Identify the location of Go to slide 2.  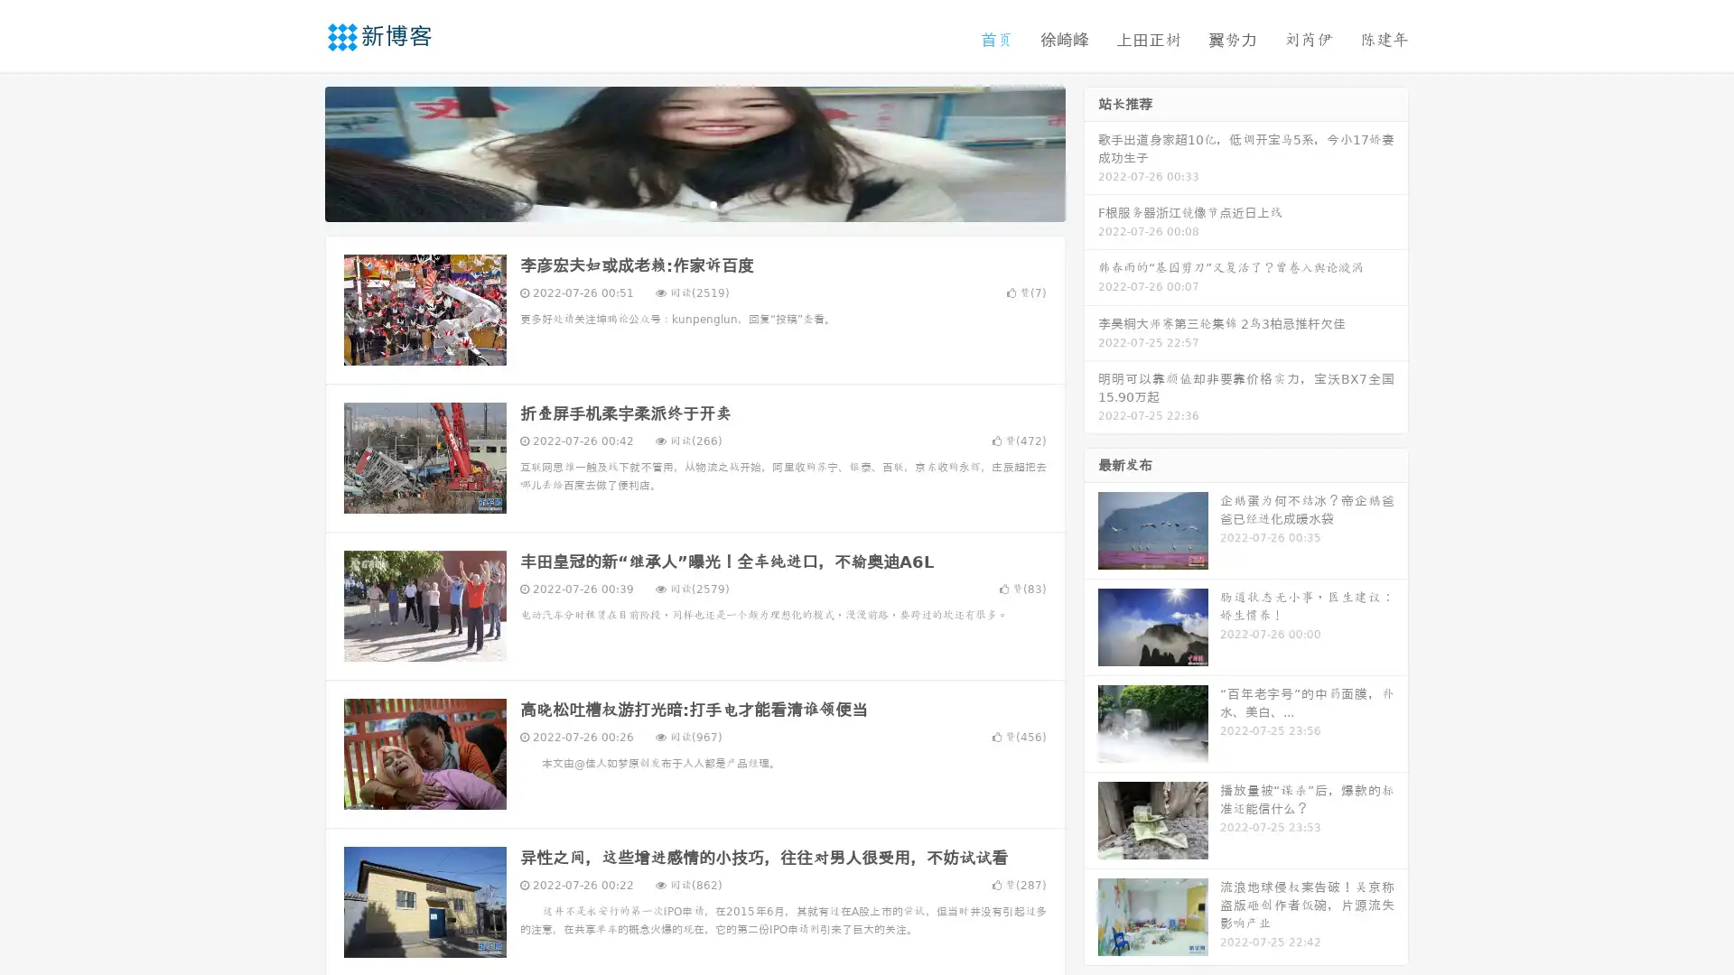
(694, 203).